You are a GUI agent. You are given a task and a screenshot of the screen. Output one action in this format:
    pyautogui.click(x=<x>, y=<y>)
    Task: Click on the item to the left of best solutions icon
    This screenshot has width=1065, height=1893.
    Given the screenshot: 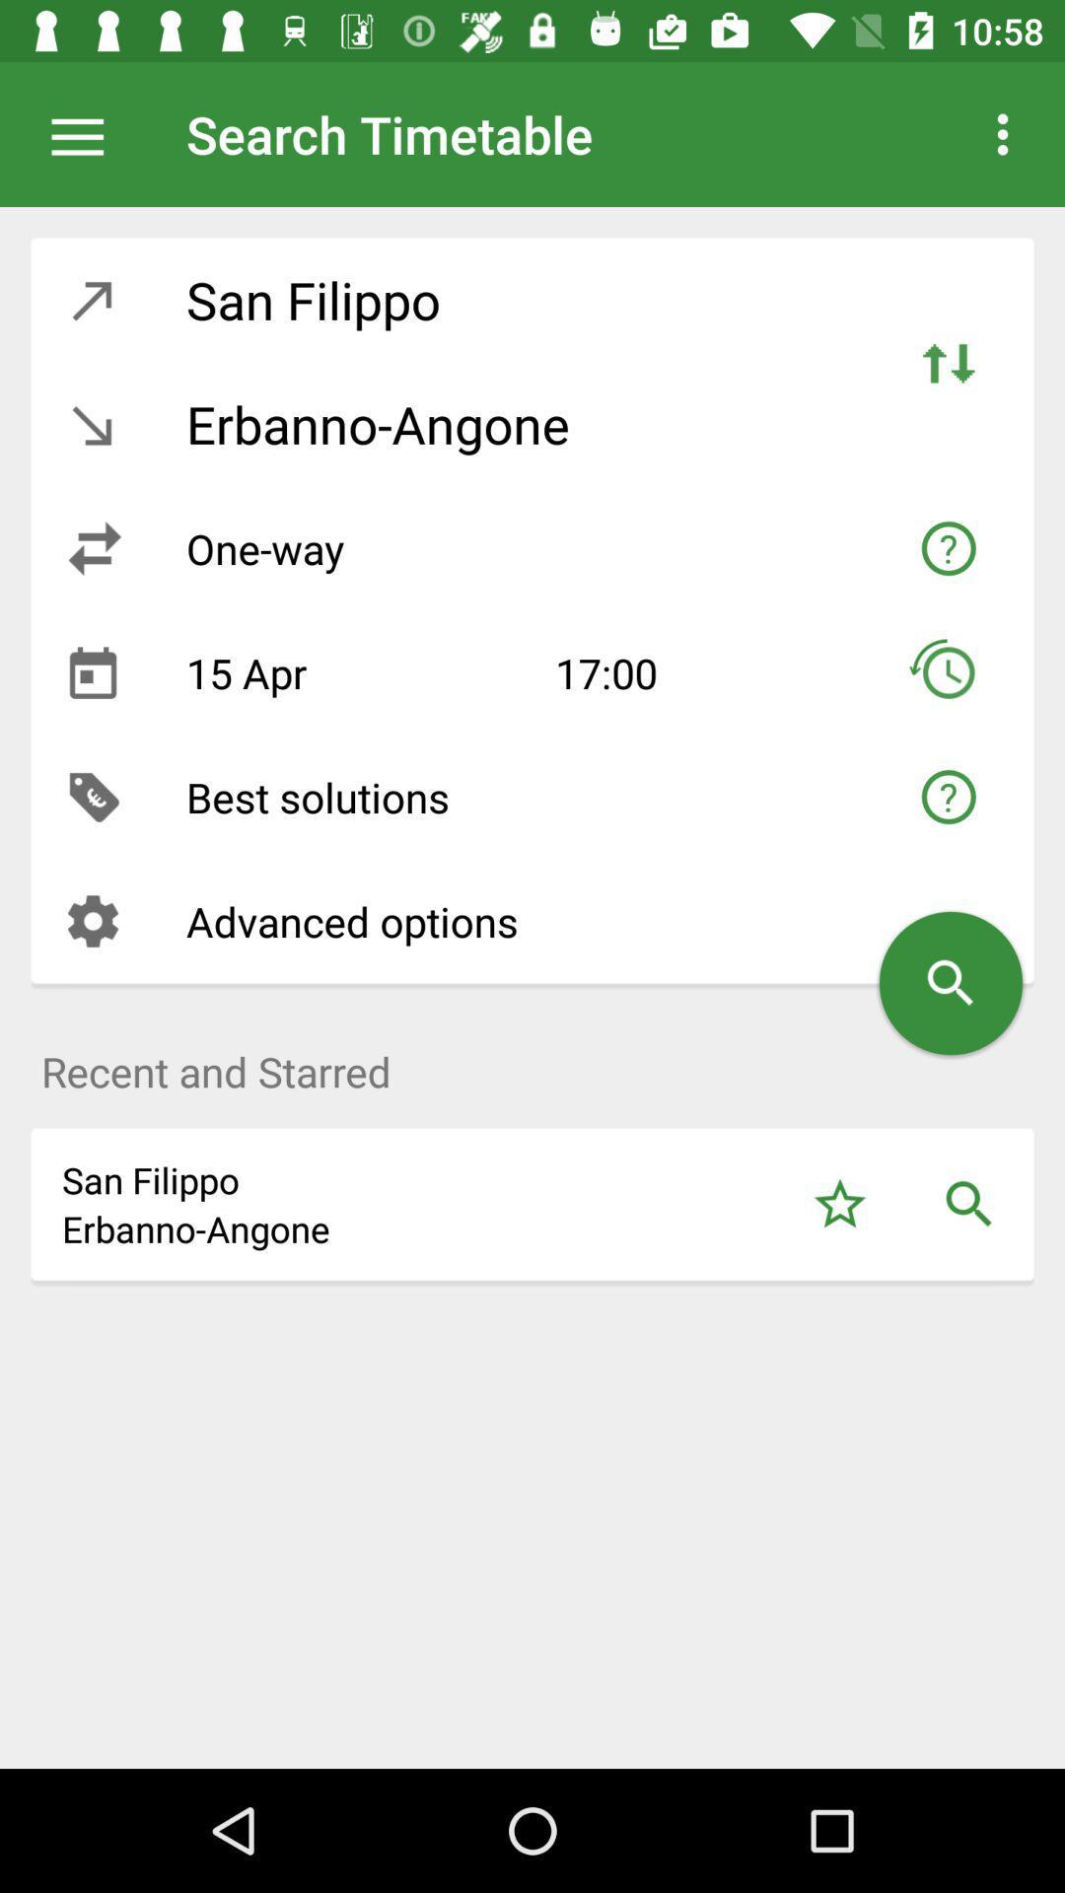 What is the action you would take?
    pyautogui.click(x=93, y=797)
    